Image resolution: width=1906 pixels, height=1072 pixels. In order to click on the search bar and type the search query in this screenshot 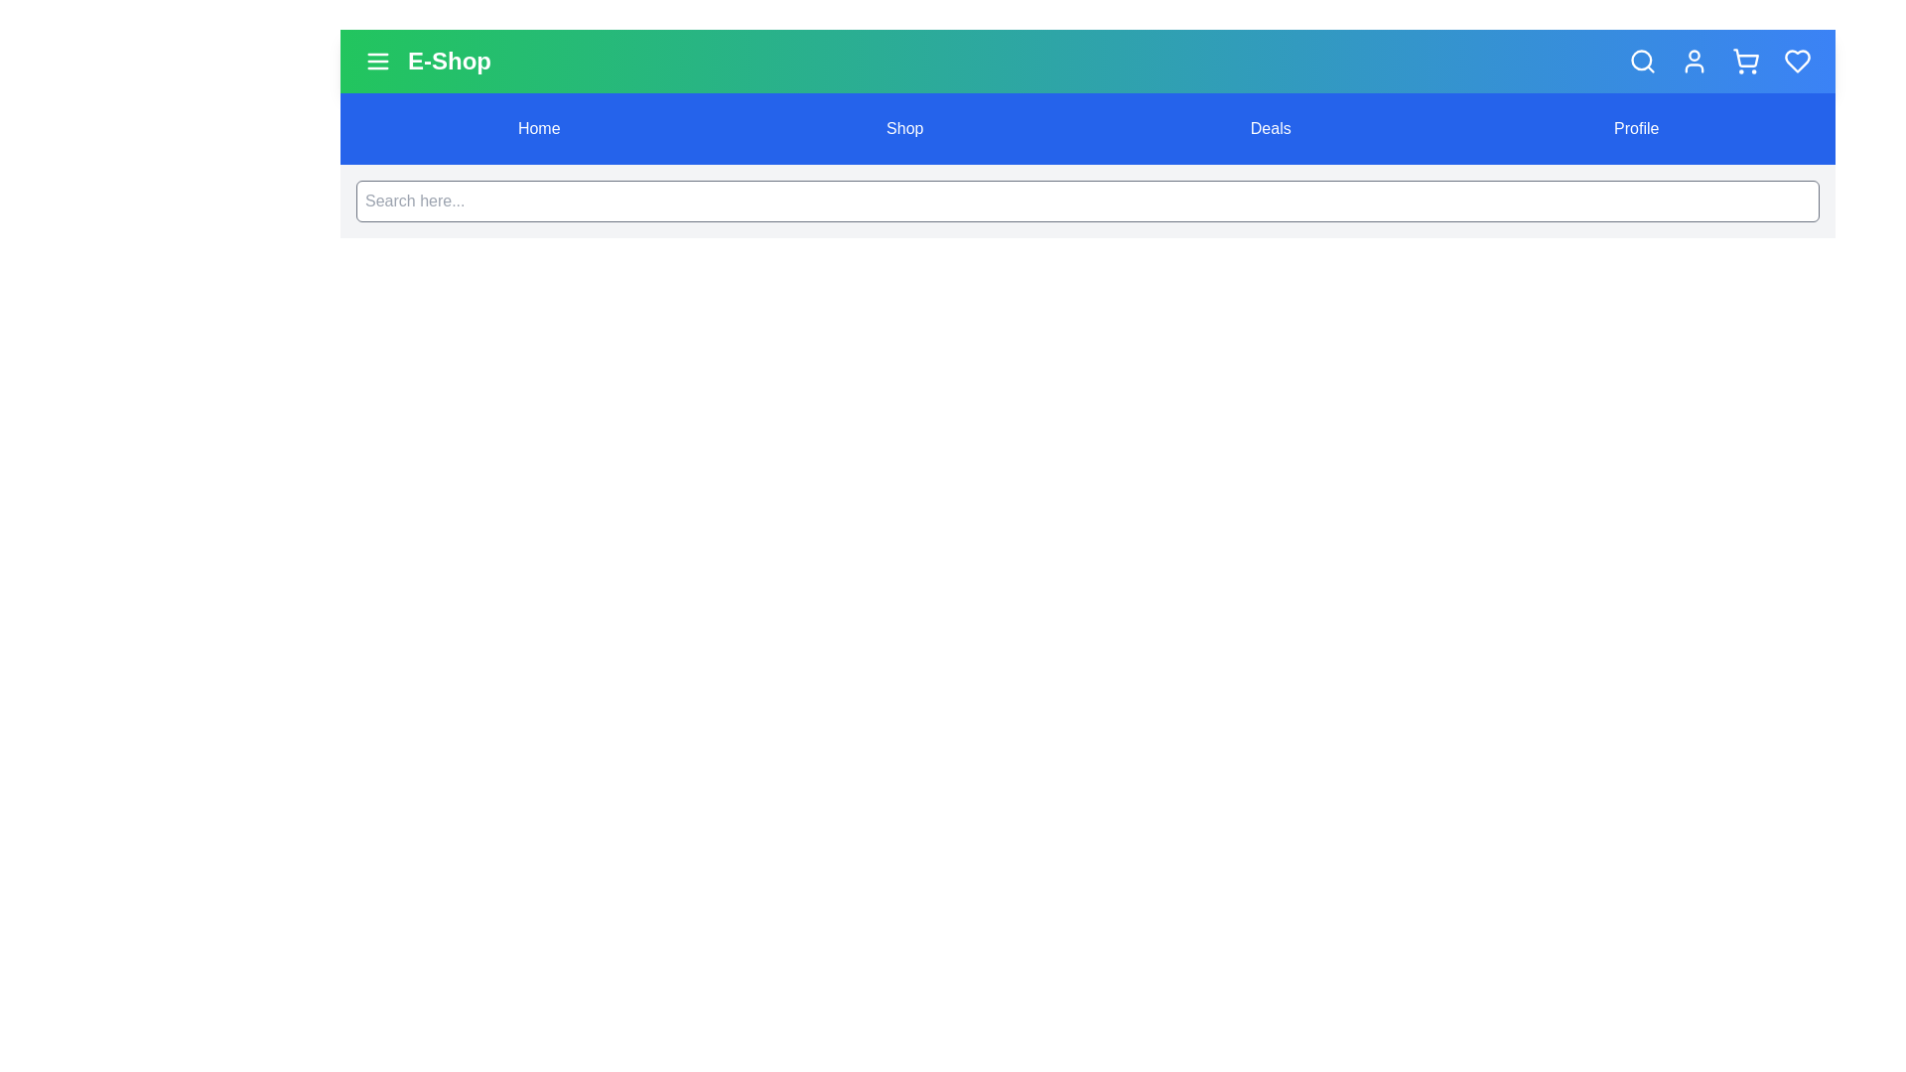, I will do `click(1086, 201)`.